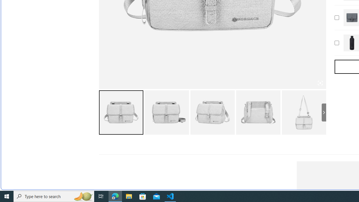 This screenshot has width=359, height=202. I want to click on 'Class: iconic-woothumbs-fullscreen', so click(320, 83).